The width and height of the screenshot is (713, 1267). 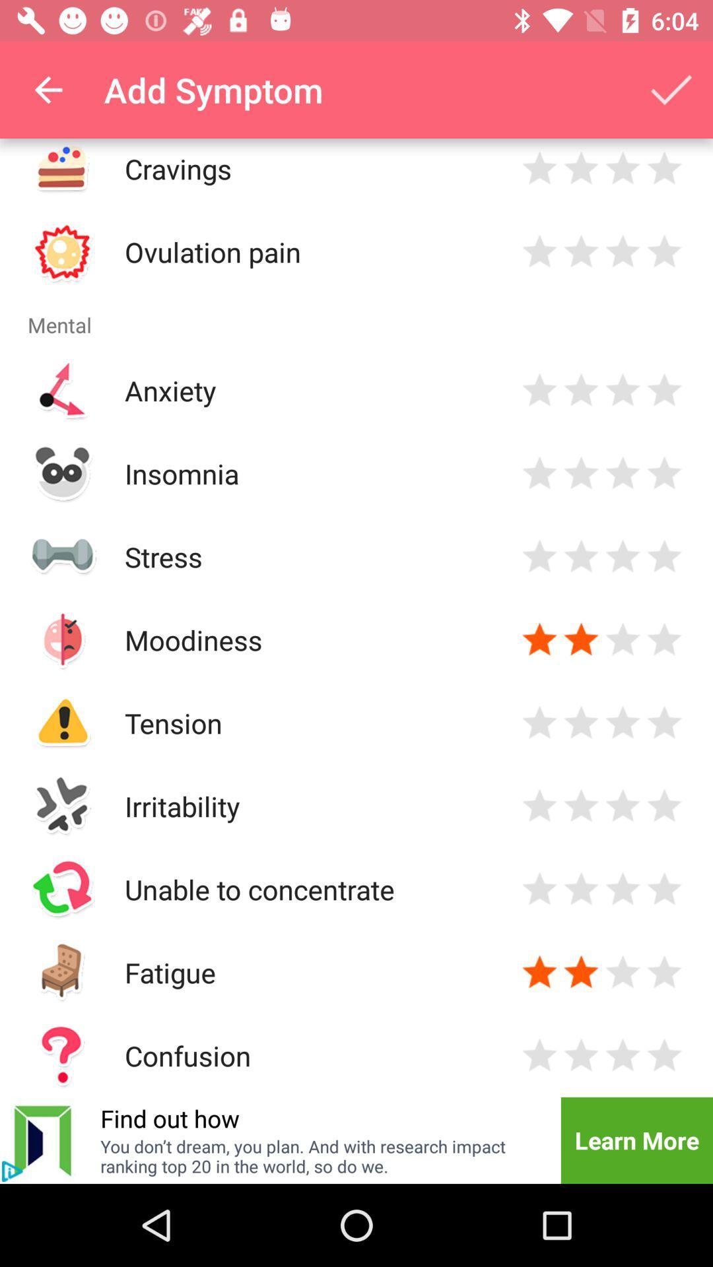 What do you see at coordinates (664, 722) in the screenshot?
I see `rate symptom` at bounding box center [664, 722].